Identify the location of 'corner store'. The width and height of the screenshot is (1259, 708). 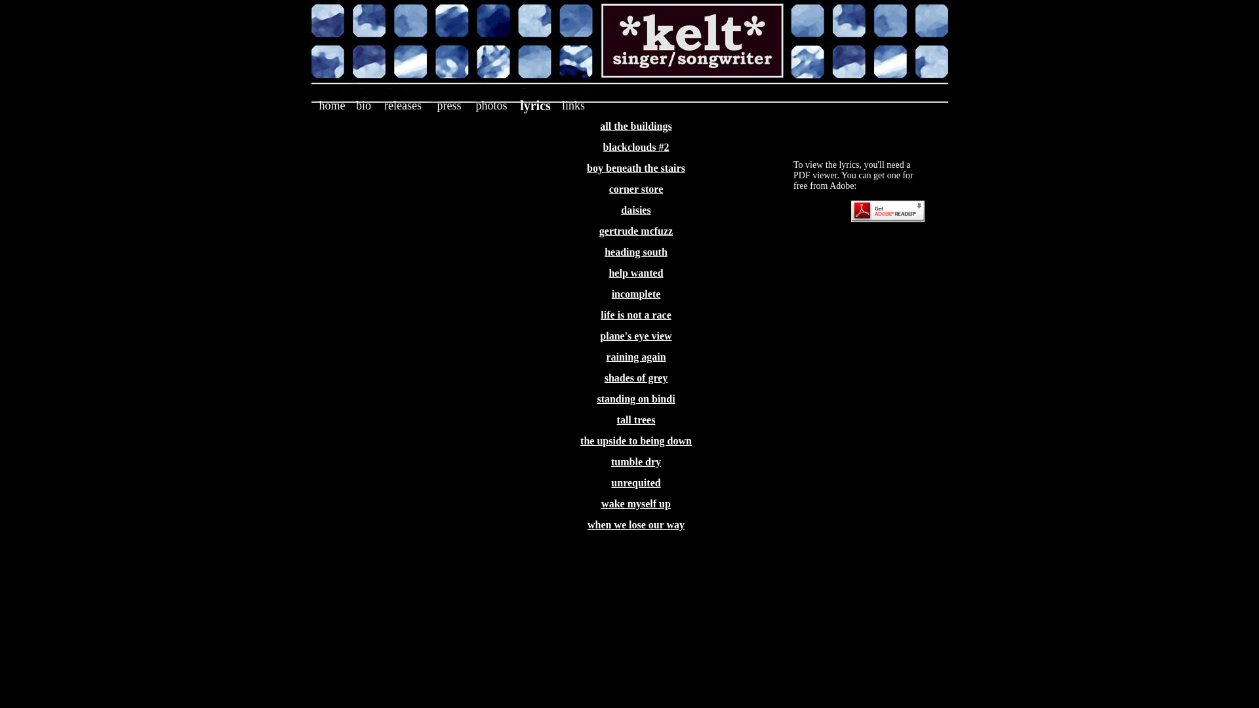
(609, 189).